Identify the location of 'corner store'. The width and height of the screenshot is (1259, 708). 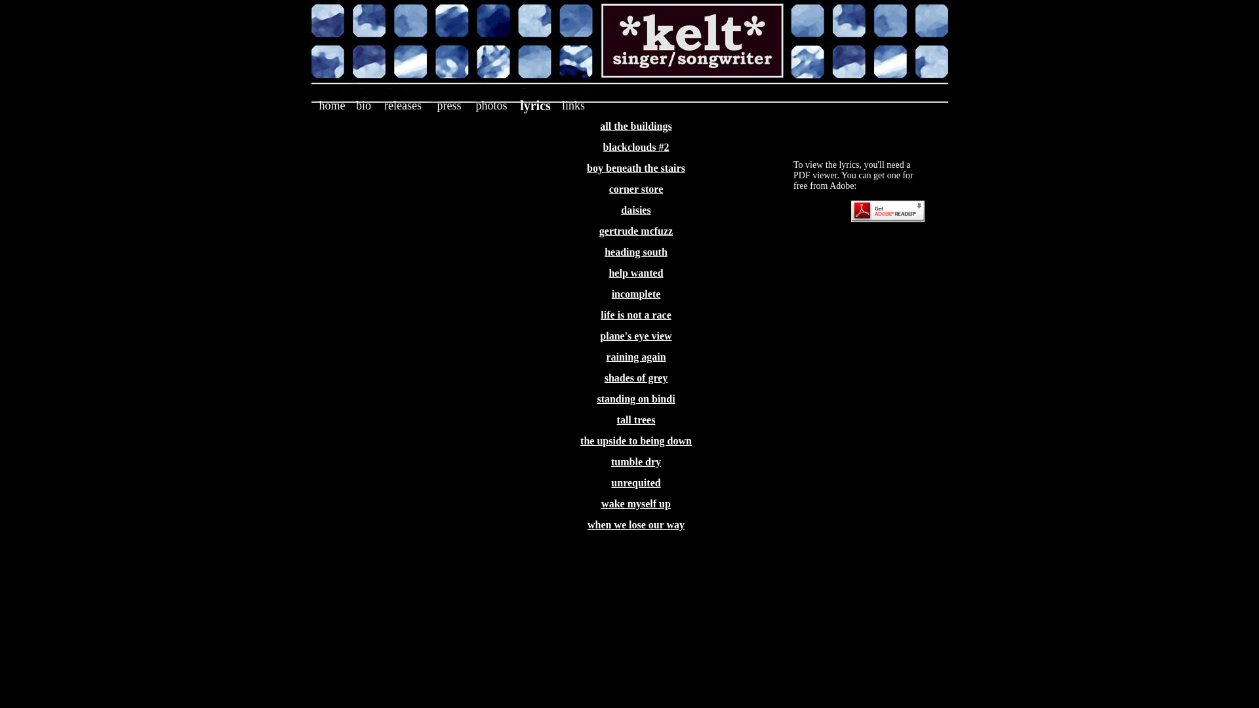
(609, 189).